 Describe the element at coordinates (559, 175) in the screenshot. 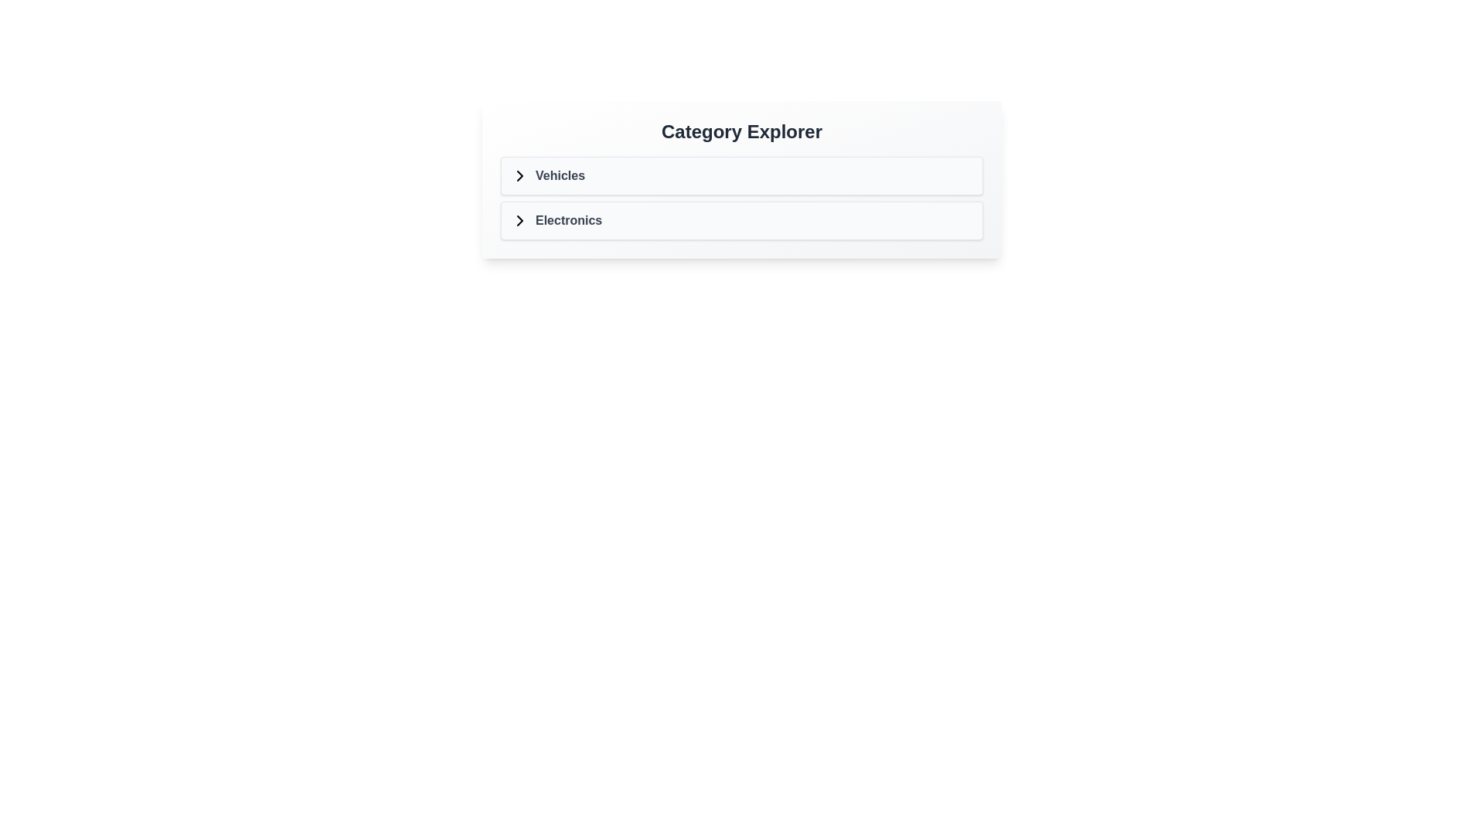

I see `the 'Vehicles' text element in the 'Category Explorer' section, which is displayed in a bold, dark gray font and is located in the first card of the two vertical sections` at that location.